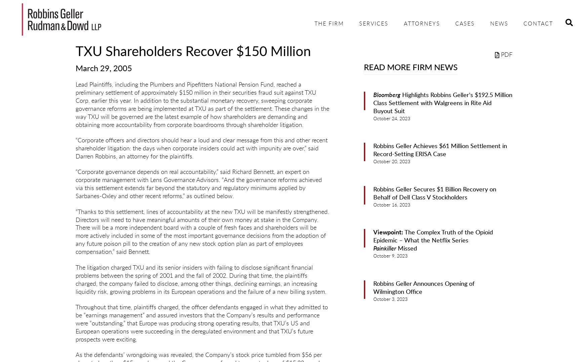  What do you see at coordinates (390, 256) in the screenshot?
I see `'October 9, 2023'` at bounding box center [390, 256].